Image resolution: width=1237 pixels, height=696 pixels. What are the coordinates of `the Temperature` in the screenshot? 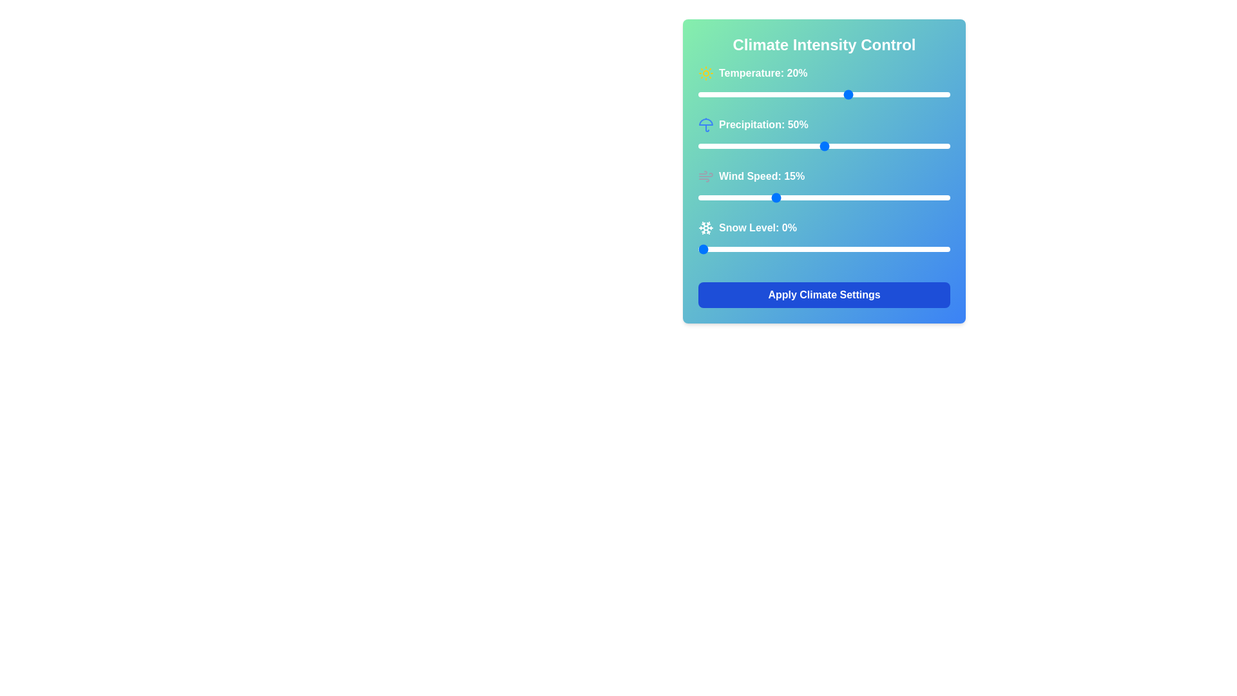 It's located at (829, 93).